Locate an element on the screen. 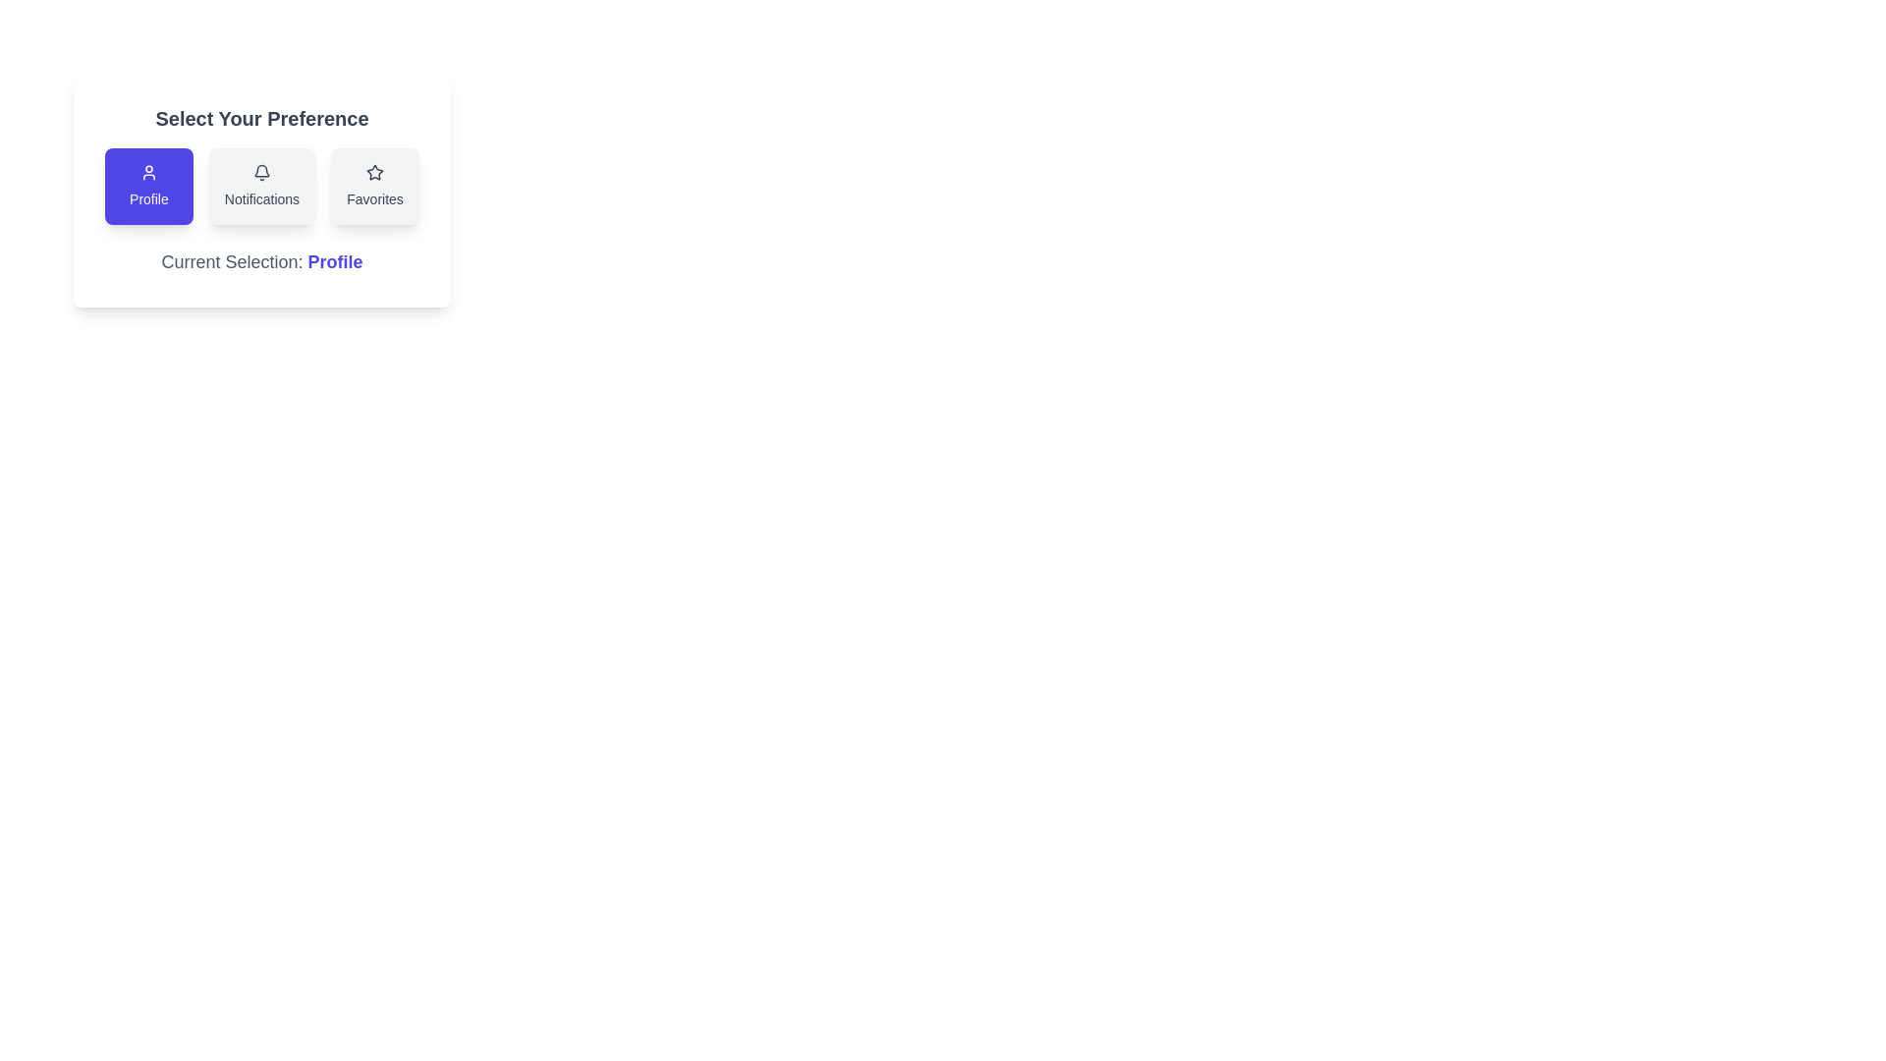 Image resolution: width=1886 pixels, height=1061 pixels. the user profile icon, which is represented by a circle with a head and shoulders outline, located in the top-left corner of the selection card and part of the 'Profile' button is located at coordinates (147, 172).